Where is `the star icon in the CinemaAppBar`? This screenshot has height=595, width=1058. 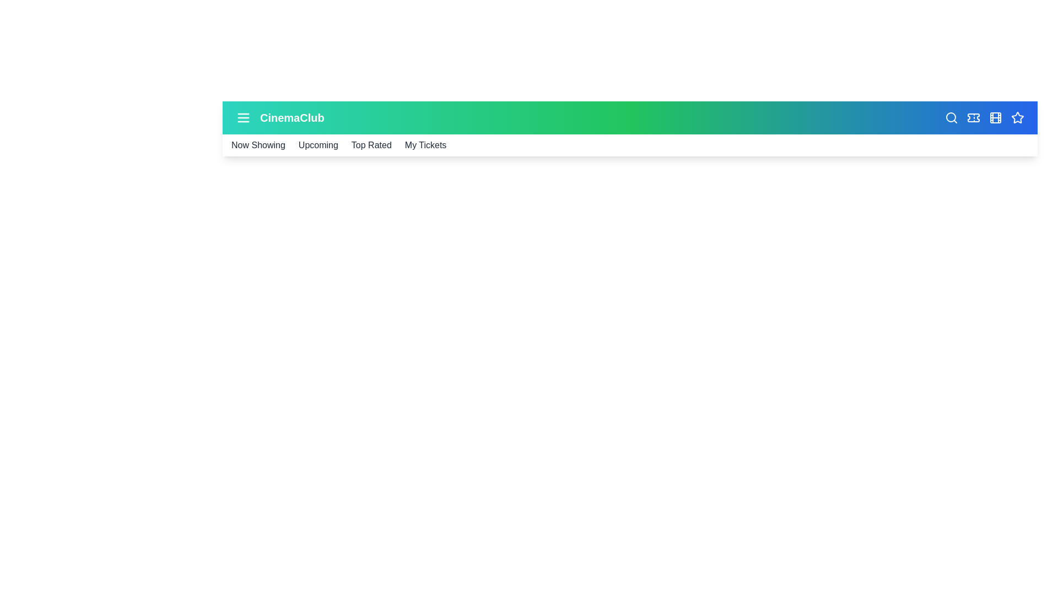
the star icon in the CinemaAppBar is located at coordinates (1017, 117).